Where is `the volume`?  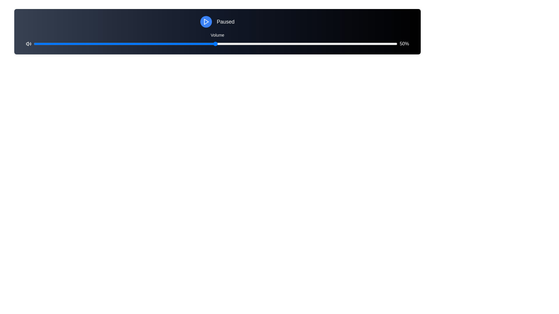 the volume is located at coordinates (157, 43).